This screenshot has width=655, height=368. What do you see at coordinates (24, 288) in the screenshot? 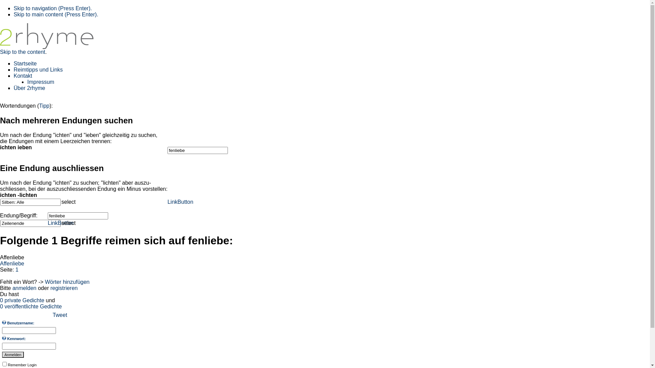
I see `'anmelden'` at bounding box center [24, 288].